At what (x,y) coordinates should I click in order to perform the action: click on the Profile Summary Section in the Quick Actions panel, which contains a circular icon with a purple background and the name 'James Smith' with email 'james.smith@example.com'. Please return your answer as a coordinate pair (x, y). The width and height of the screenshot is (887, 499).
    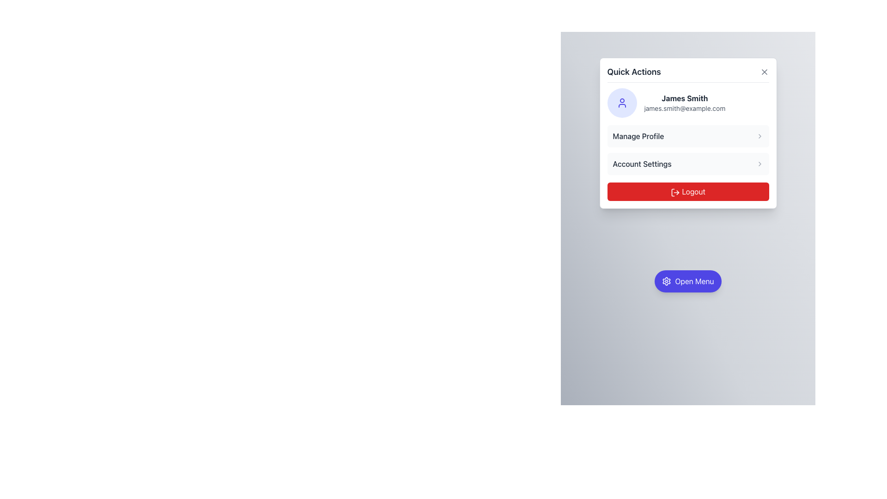
    Looking at the image, I should click on (688, 103).